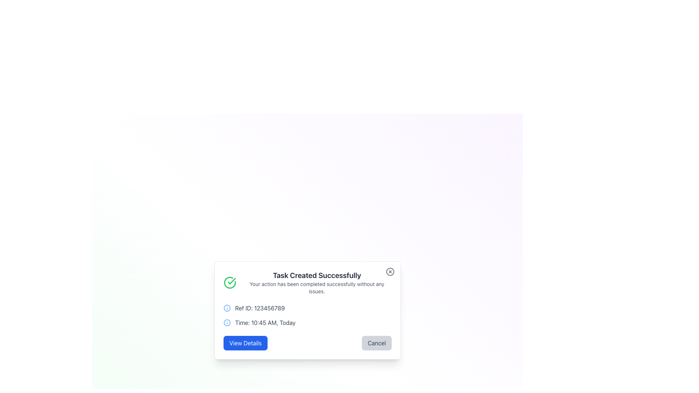 The height and width of the screenshot is (393, 699). Describe the element at coordinates (317, 282) in the screenshot. I see `message displayed in the text block that confirms the task has been created successfully, which includes the title 'Task Created Successfully' and the message 'Your action has been completed successfully without any issues.'` at that location.